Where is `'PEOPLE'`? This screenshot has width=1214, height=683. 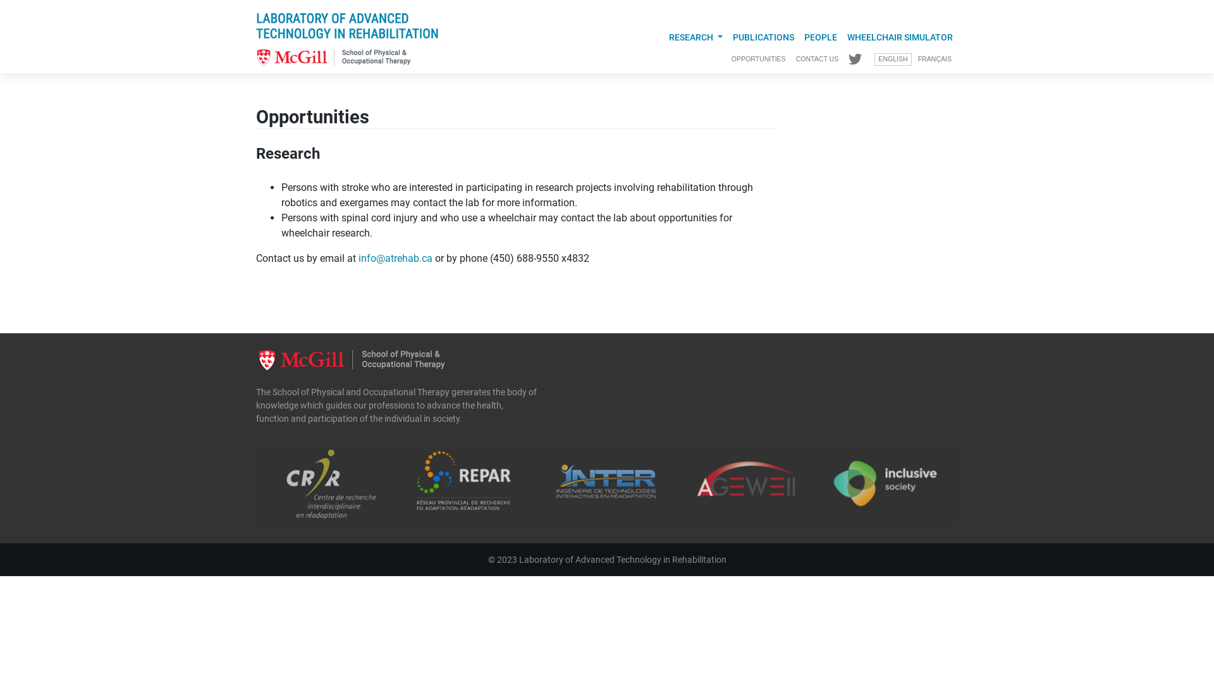
'PEOPLE' is located at coordinates (820, 37).